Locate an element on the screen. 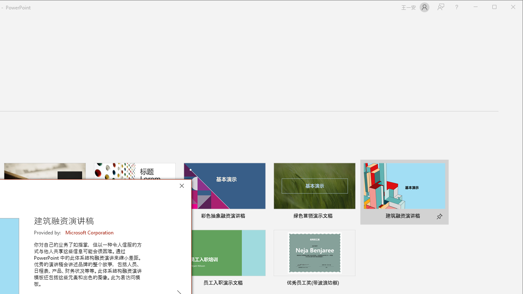 Image resolution: width=523 pixels, height=294 pixels. 'Microsoft Corporation' is located at coordinates (90, 232).